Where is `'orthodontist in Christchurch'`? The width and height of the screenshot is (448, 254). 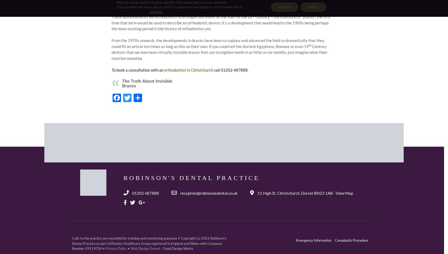
'orthodontist in Christchurch' is located at coordinates (164, 70).